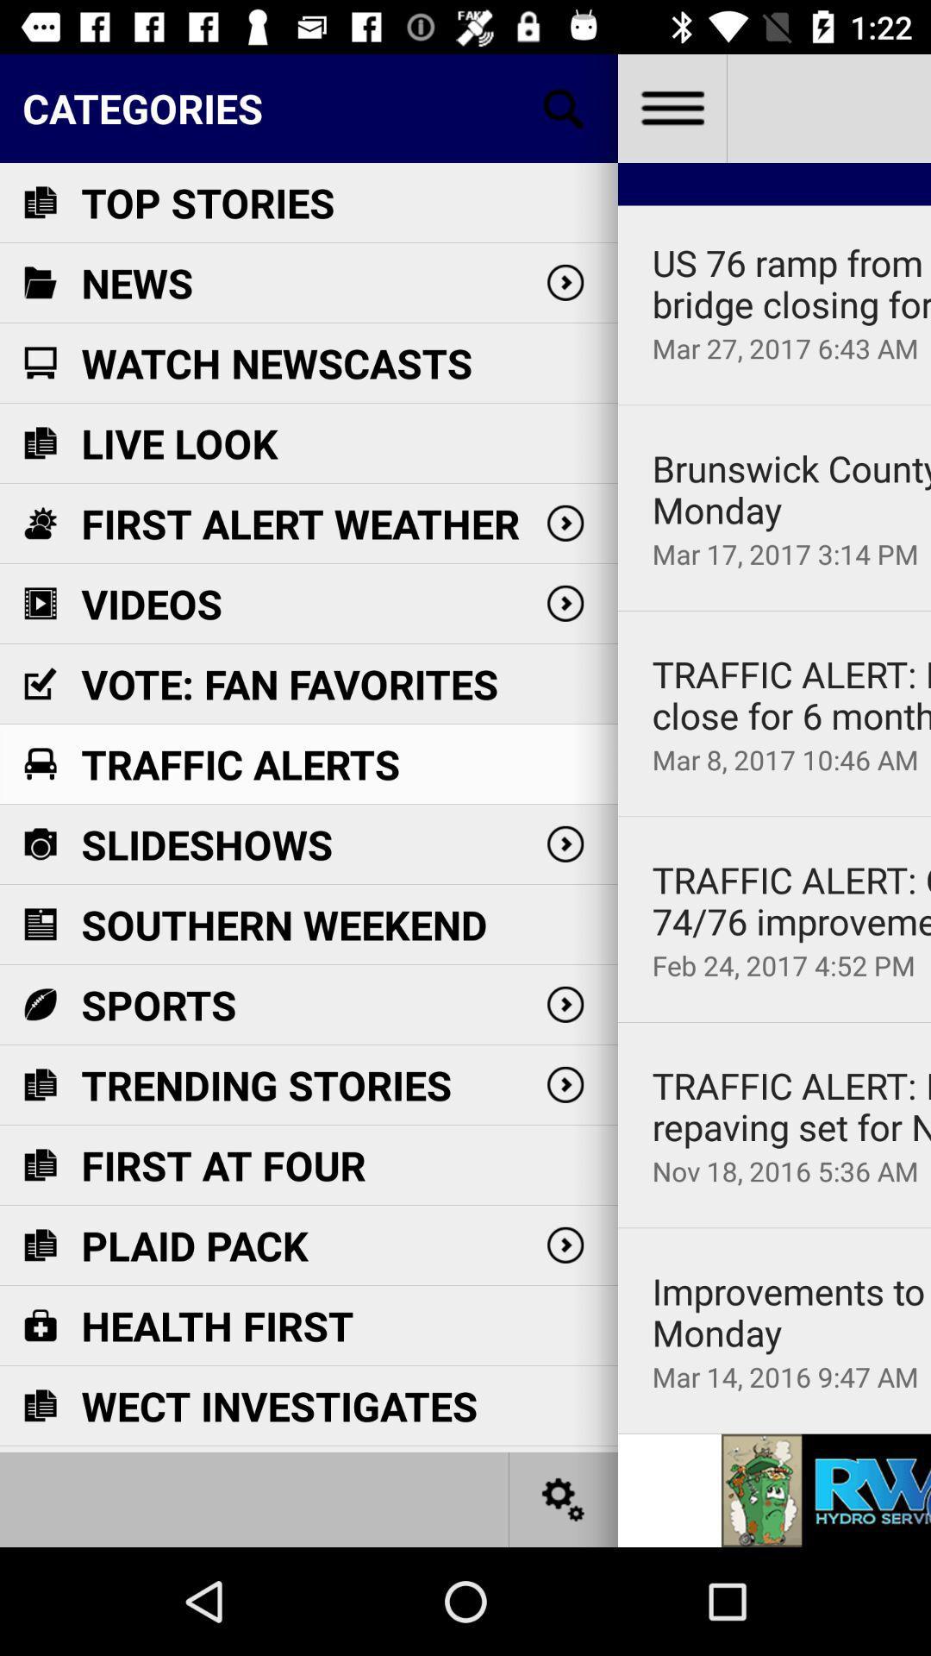 Image resolution: width=931 pixels, height=1656 pixels. Describe the element at coordinates (564, 107) in the screenshot. I see `the search icon` at that location.